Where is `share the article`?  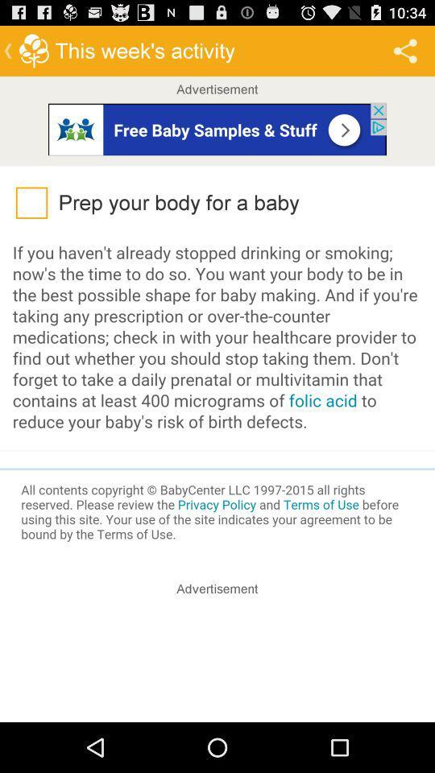
share the article is located at coordinates (217, 662).